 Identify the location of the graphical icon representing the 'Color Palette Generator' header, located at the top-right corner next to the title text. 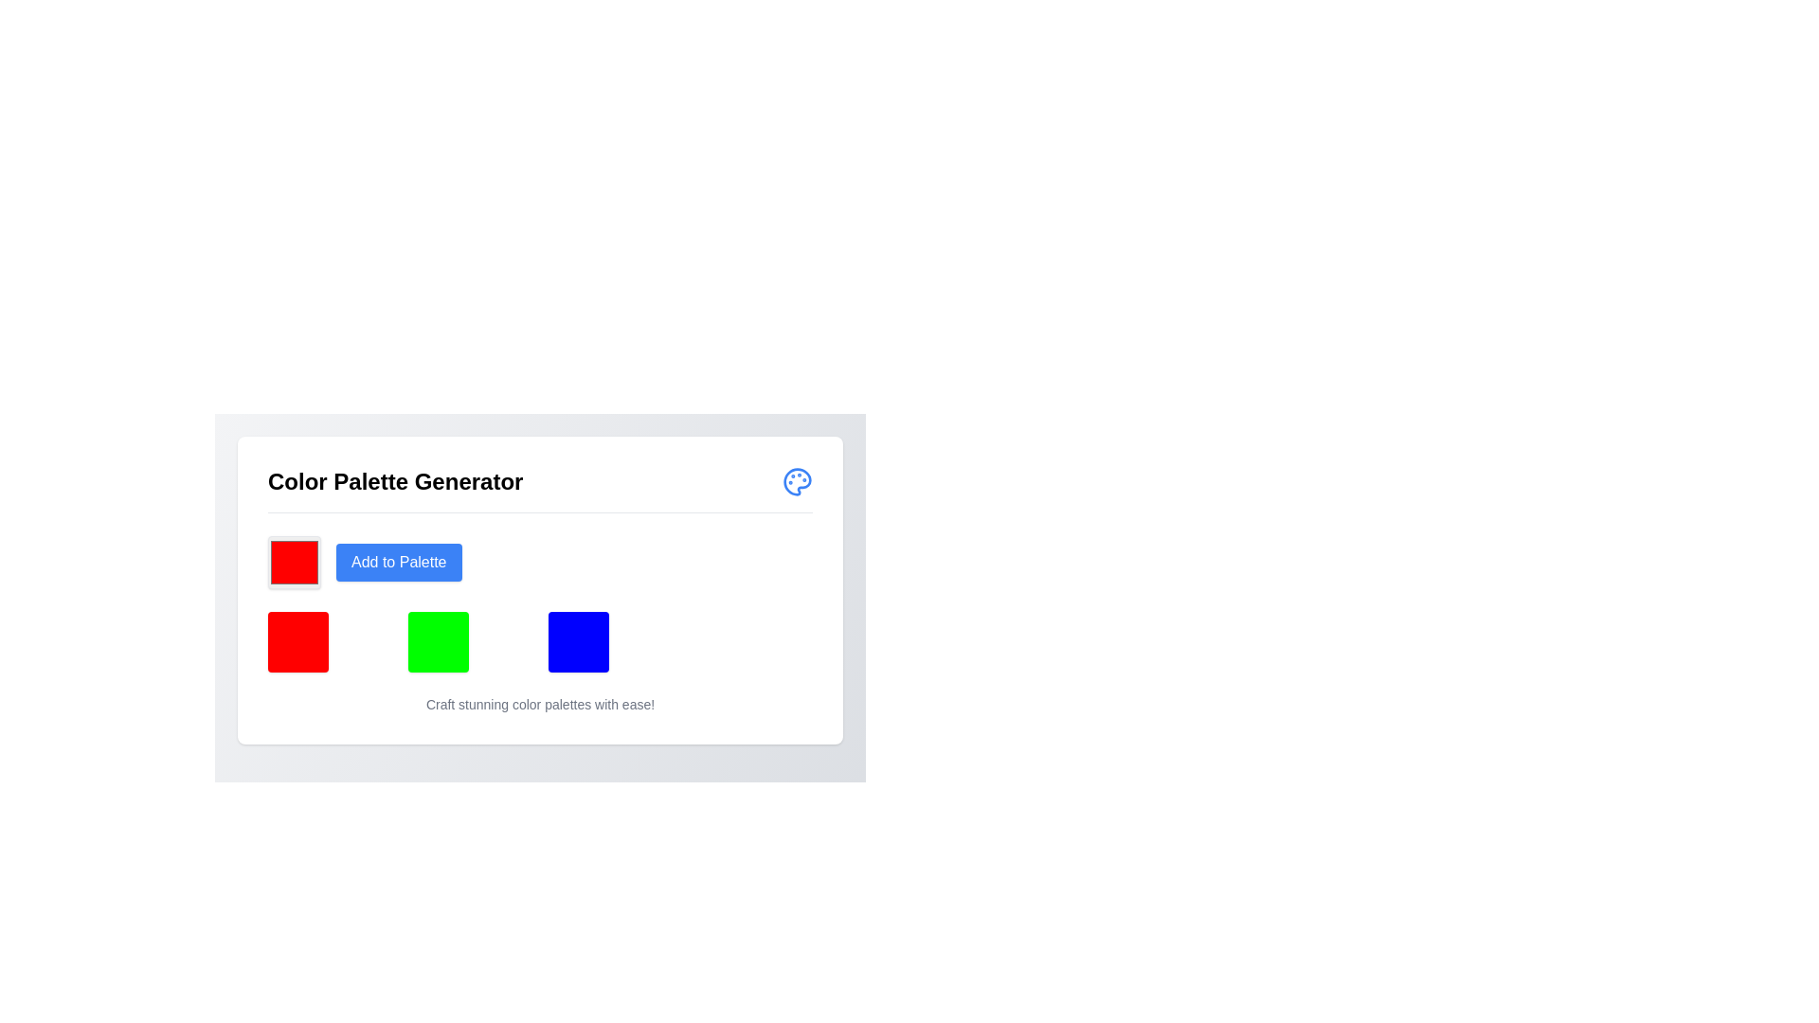
(797, 481).